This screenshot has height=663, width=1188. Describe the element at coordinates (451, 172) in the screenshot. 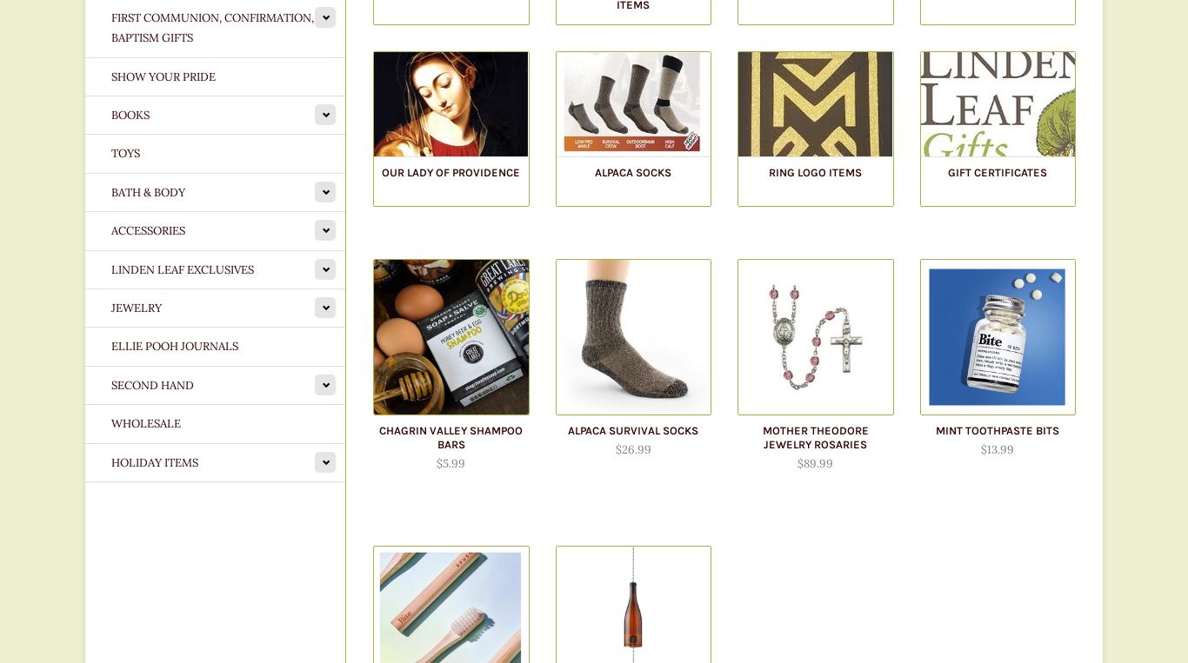

I see `'Our Lady of Providence'` at that location.